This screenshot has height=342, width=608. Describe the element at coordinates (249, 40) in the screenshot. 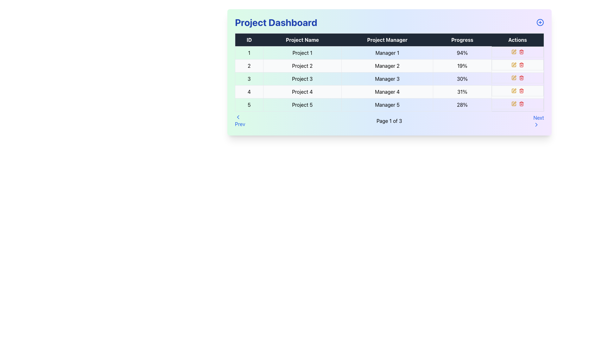

I see `the 'ID' text element, which is the first item in the header row of a table` at that location.